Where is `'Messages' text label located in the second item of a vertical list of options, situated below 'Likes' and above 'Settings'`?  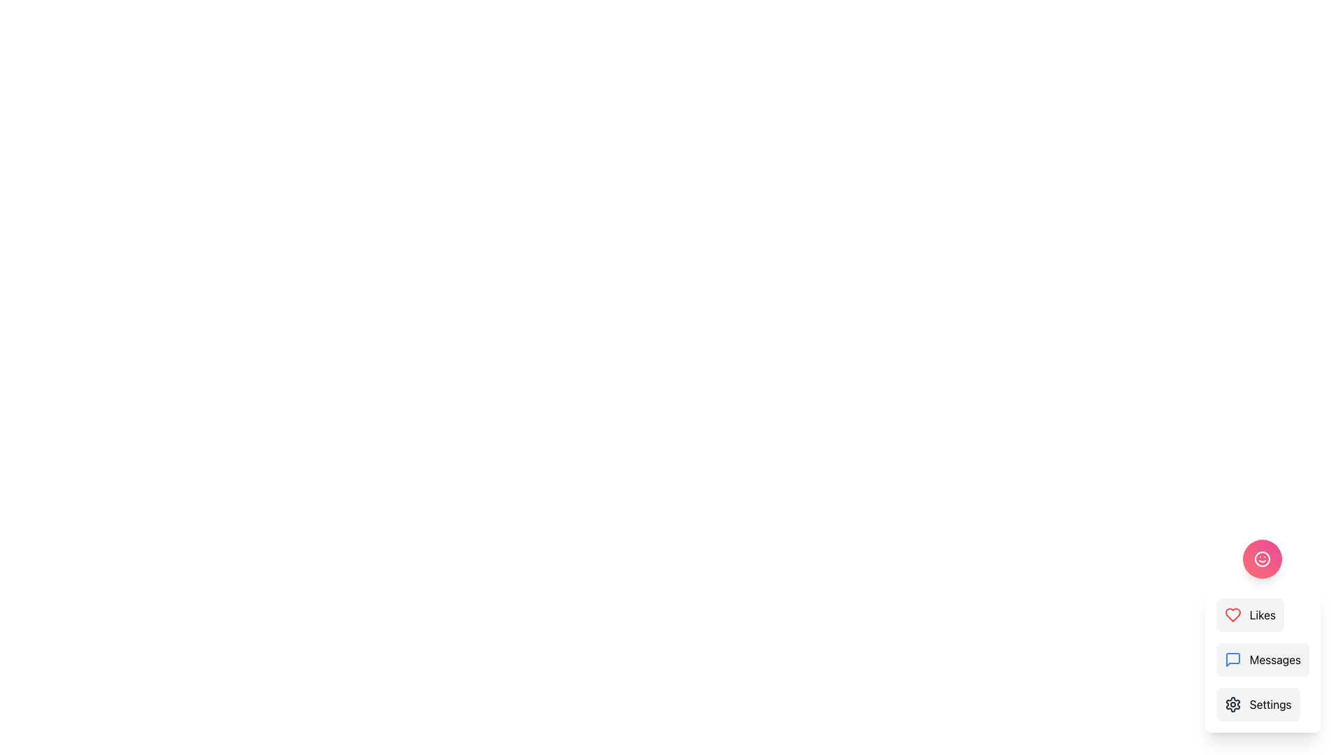
'Messages' text label located in the second item of a vertical list of options, situated below 'Likes' and above 'Settings' is located at coordinates (1275, 660).